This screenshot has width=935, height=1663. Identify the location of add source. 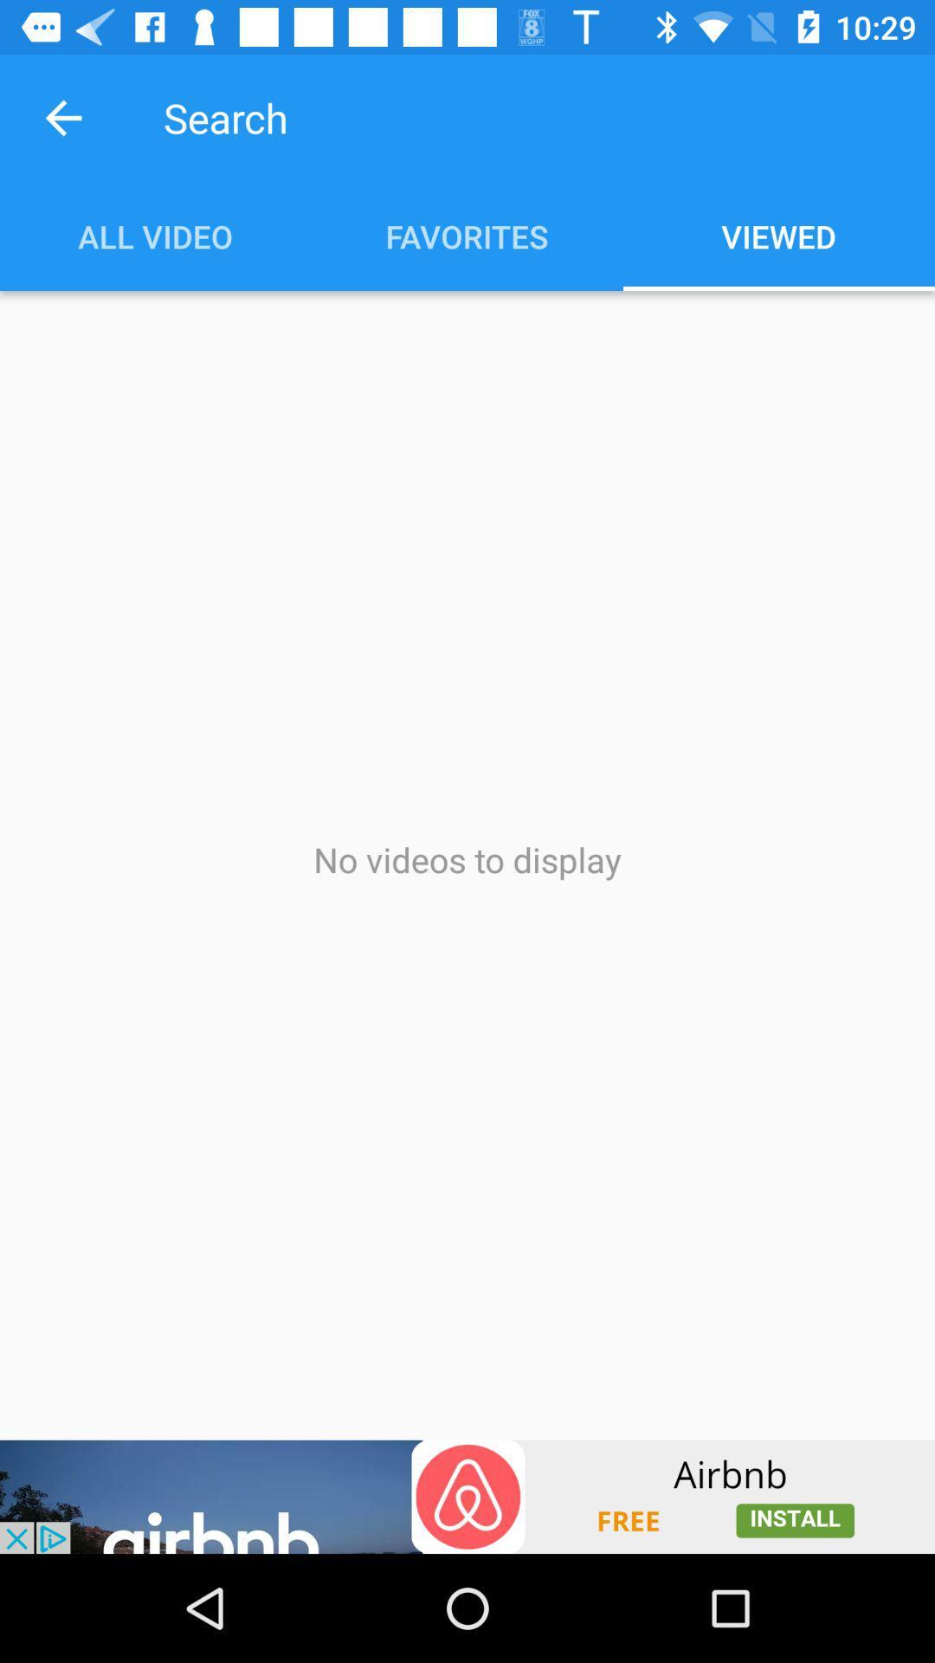
(467, 1496).